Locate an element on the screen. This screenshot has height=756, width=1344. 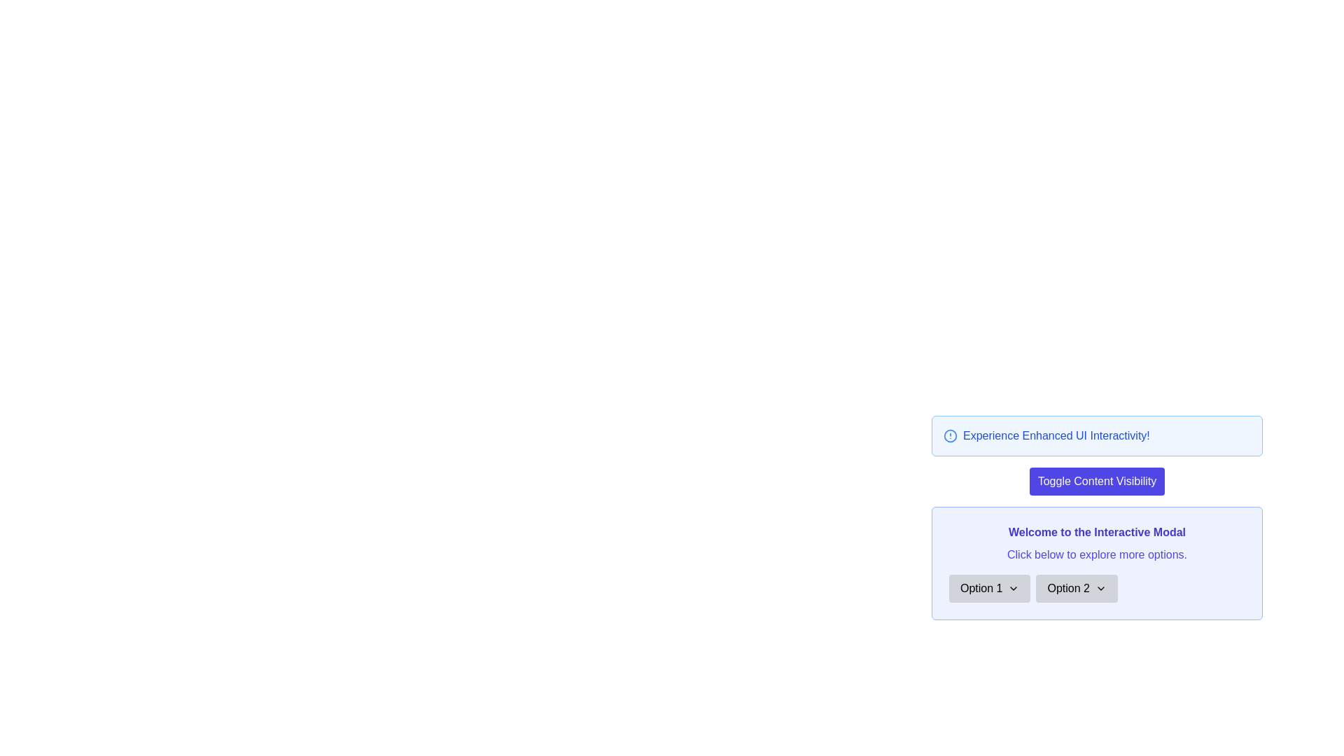
the second button in the horizontal group labeled 'Option 2' is located at coordinates (1076, 588).